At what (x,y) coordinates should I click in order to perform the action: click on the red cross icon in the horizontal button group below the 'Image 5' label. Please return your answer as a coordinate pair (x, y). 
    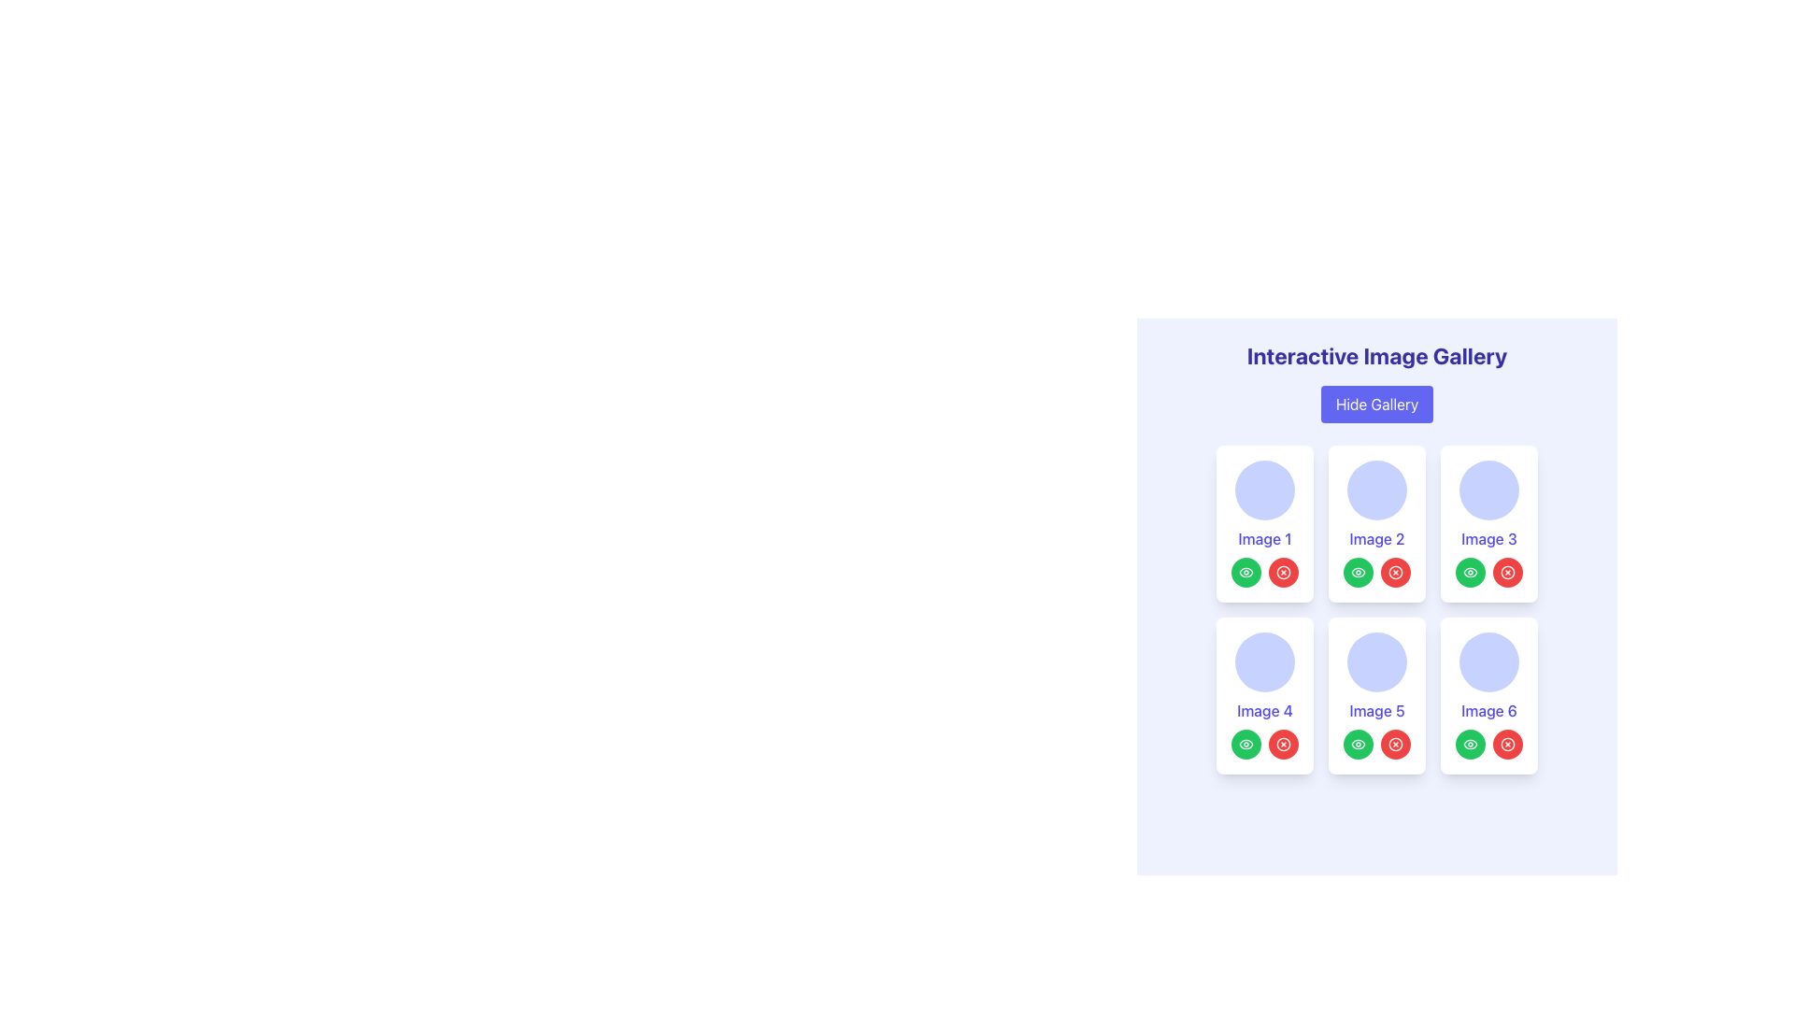
    Looking at the image, I should click on (1376, 744).